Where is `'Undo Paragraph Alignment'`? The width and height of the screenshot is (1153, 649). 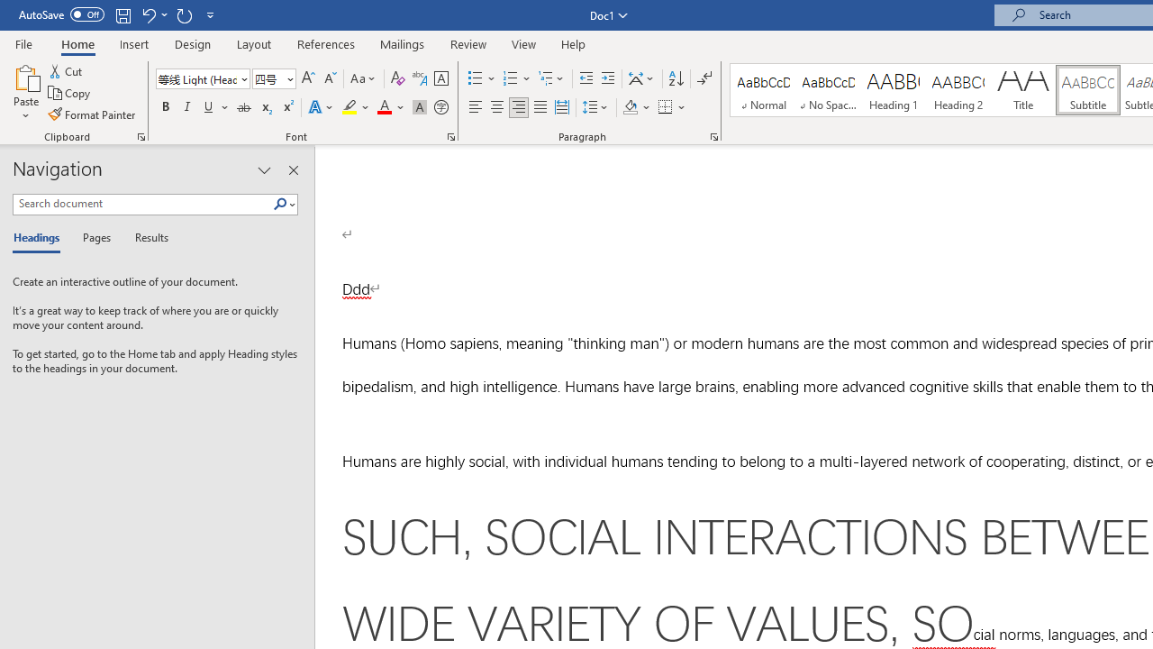
'Undo Paragraph Alignment' is located at coordinates (148, 14).